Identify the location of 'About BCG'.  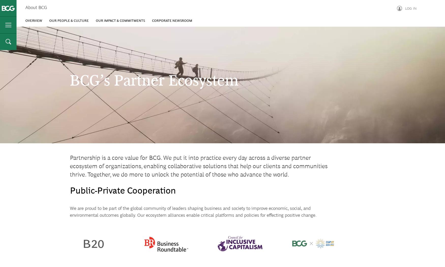
(25, 10).